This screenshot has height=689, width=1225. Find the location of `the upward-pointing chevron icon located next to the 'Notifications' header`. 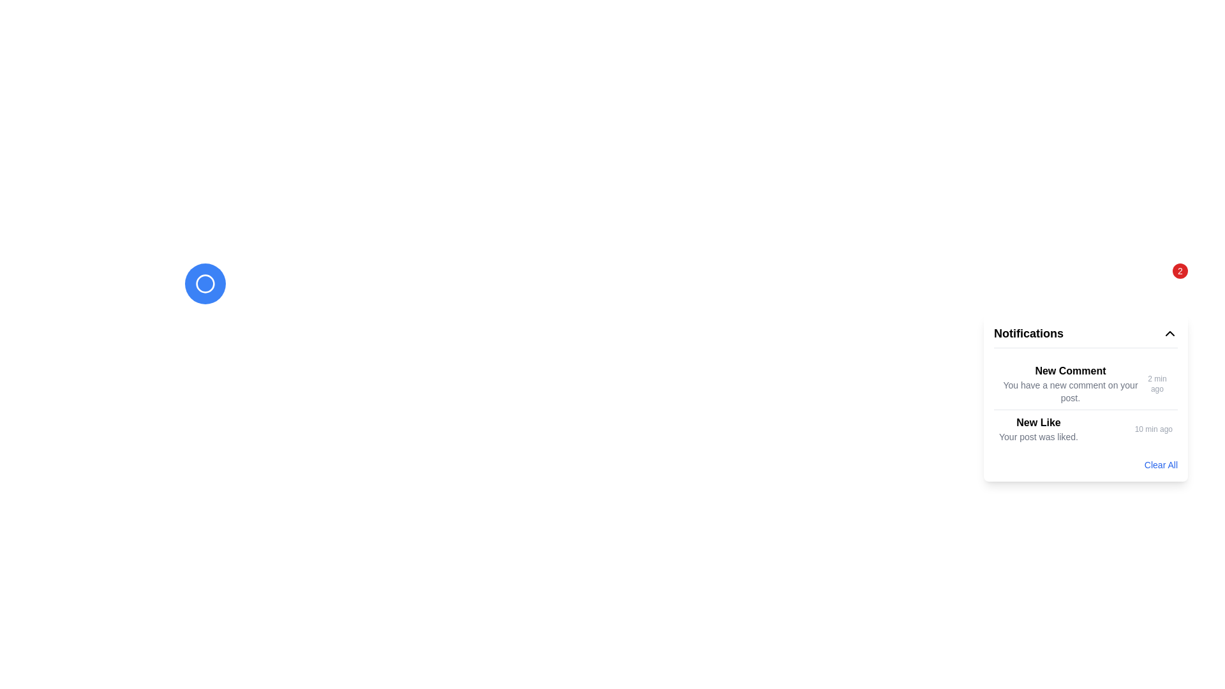

the upward-pointing chevron icon located next to the 'Notifications' header is located at coordinates (1169, 333).